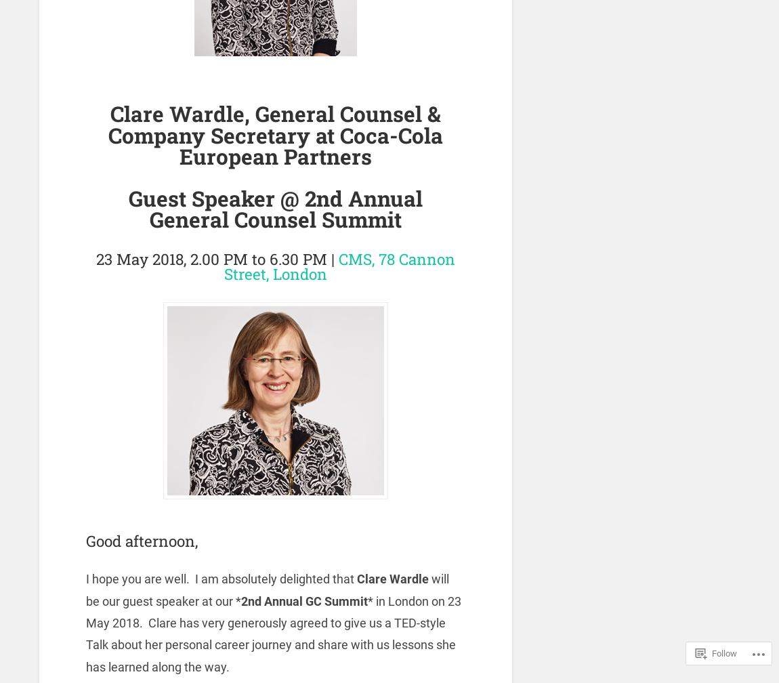 Image resolution: width=779 pixels, height=683 pixels. I want to click on 'Clare Wardle', so click(357, 579).